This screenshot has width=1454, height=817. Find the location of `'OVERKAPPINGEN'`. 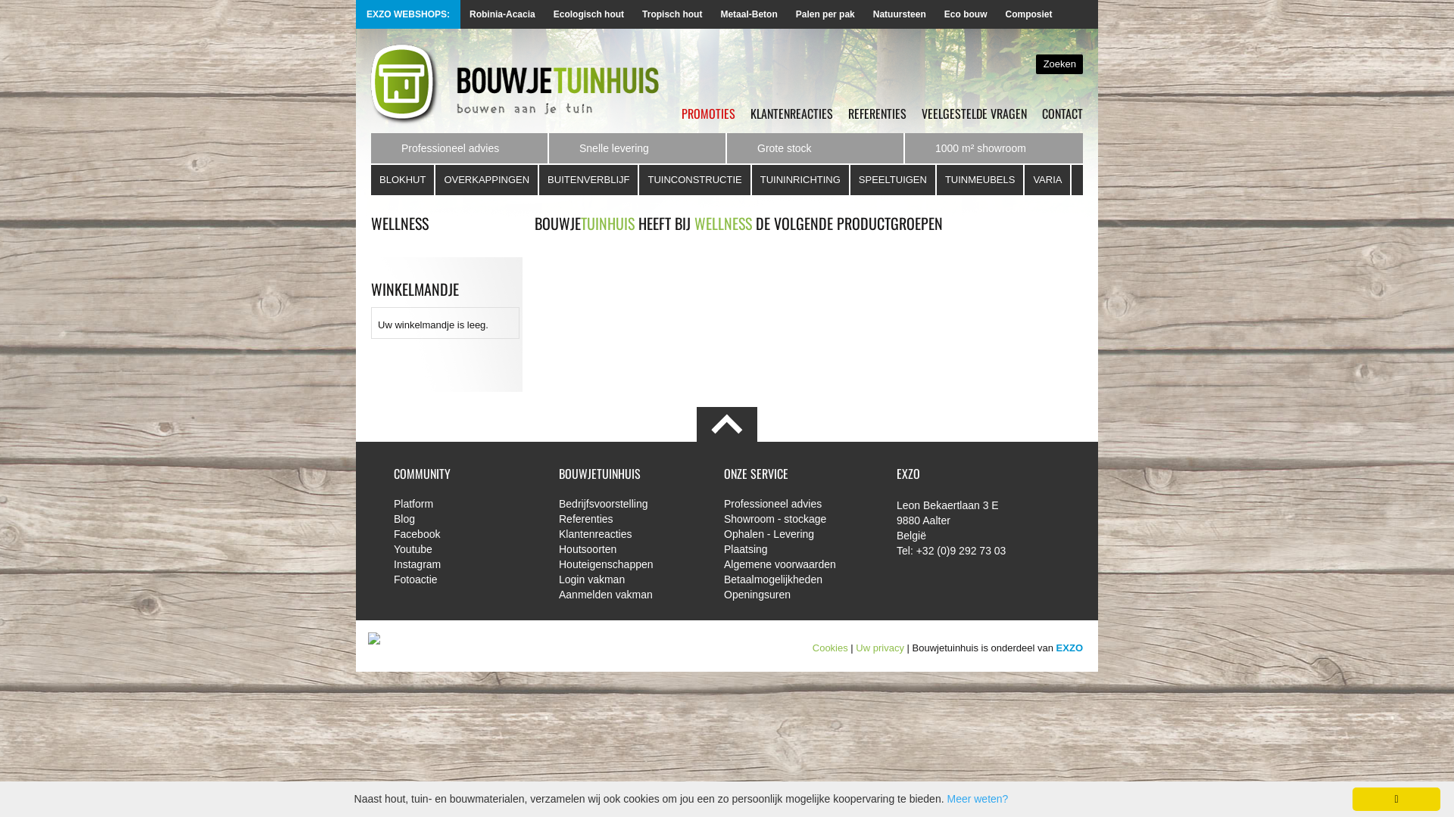

'OVERKAPPINGEN' is located at coordinates (435, 179).